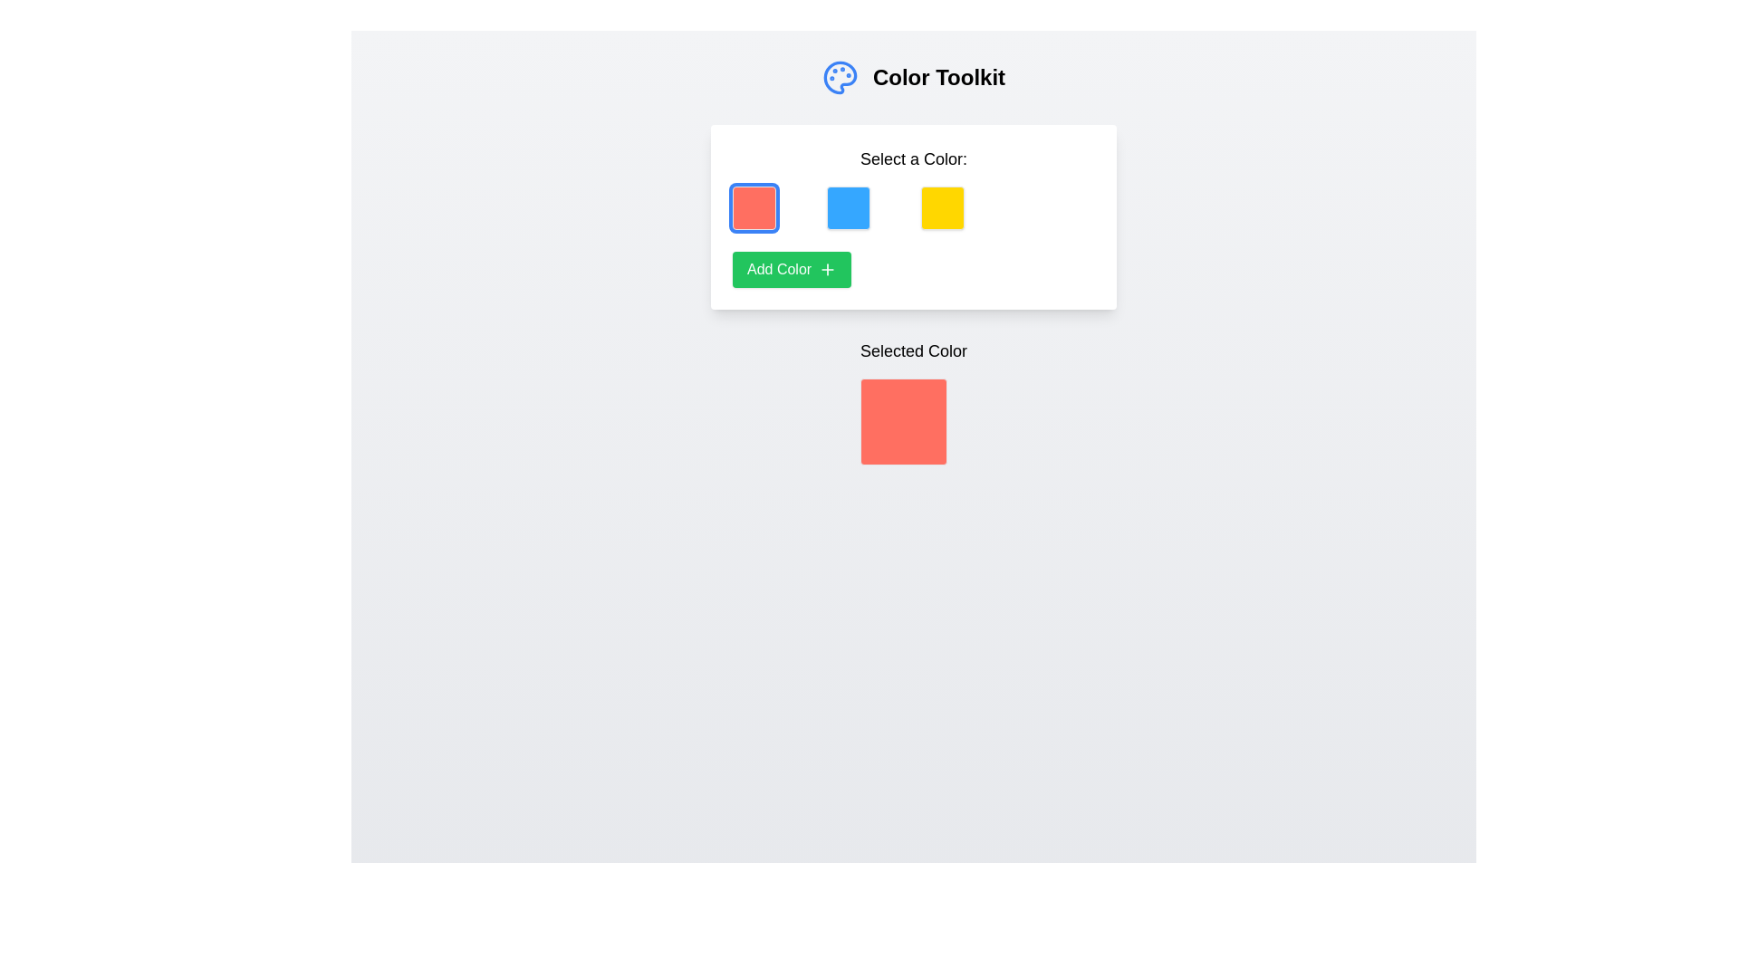  What do you see at coordinates (827, 269) in the screenshot?
I see `the green 'Add Color' button that contains a plus sign icon` at bounding box center [827, 269].